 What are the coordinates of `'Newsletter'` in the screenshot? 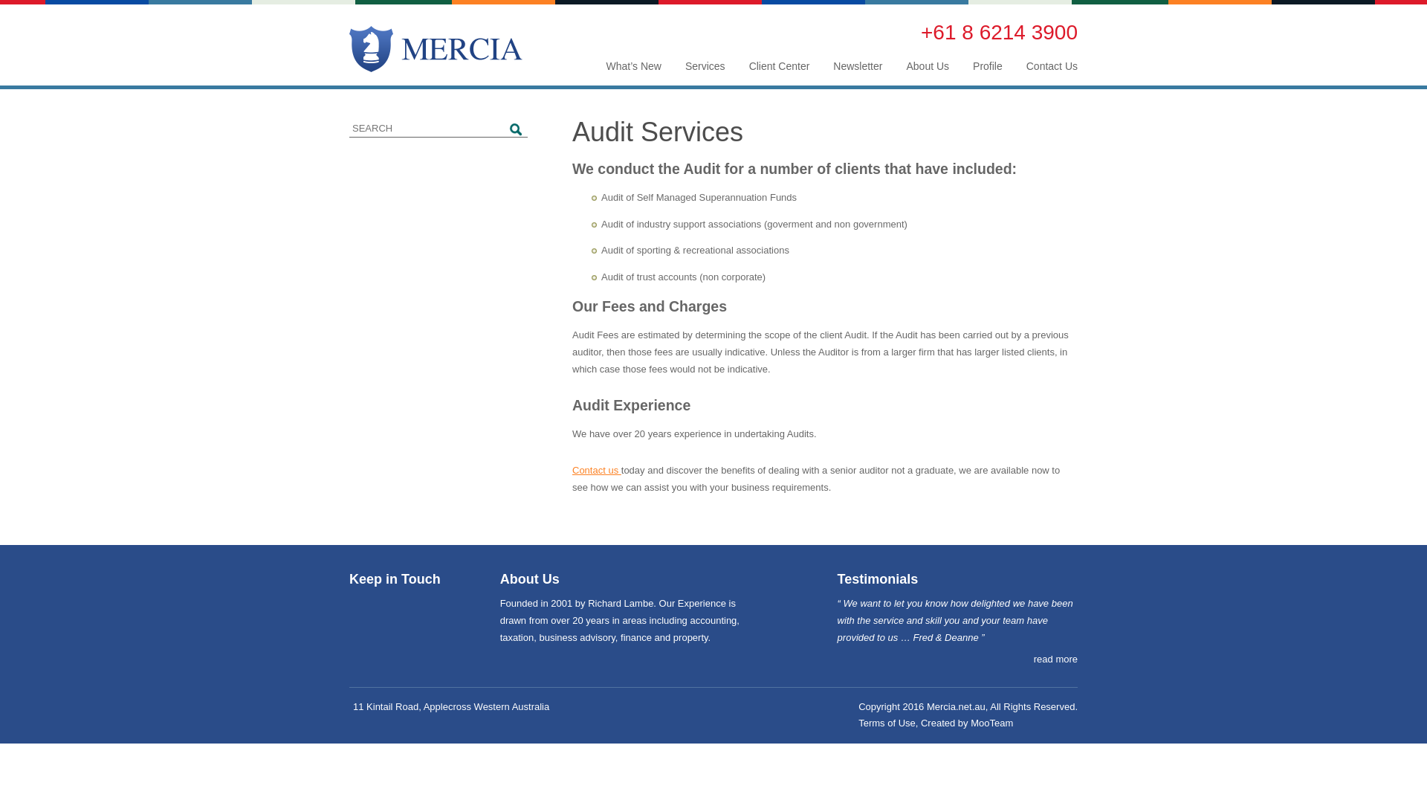 It's located at (857, 65).